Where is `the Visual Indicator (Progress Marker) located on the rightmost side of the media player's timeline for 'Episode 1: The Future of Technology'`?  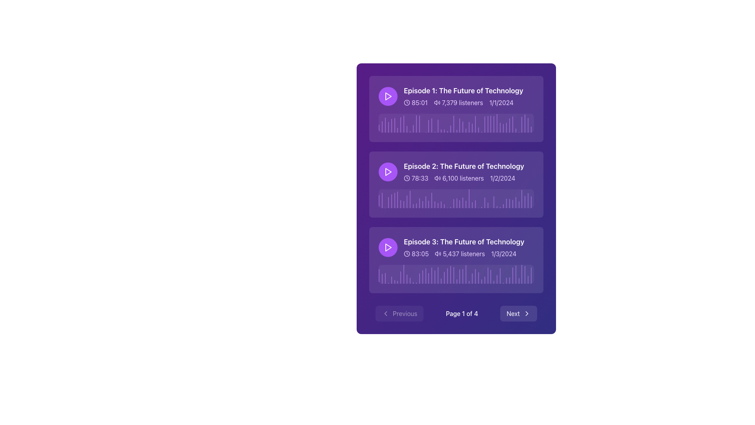
the Visual Indicator (Progress Marker) located on the rightmost side of the media player's timeline for 'Episode 1: The Future of Technology' is located at coordinates (497, 123).